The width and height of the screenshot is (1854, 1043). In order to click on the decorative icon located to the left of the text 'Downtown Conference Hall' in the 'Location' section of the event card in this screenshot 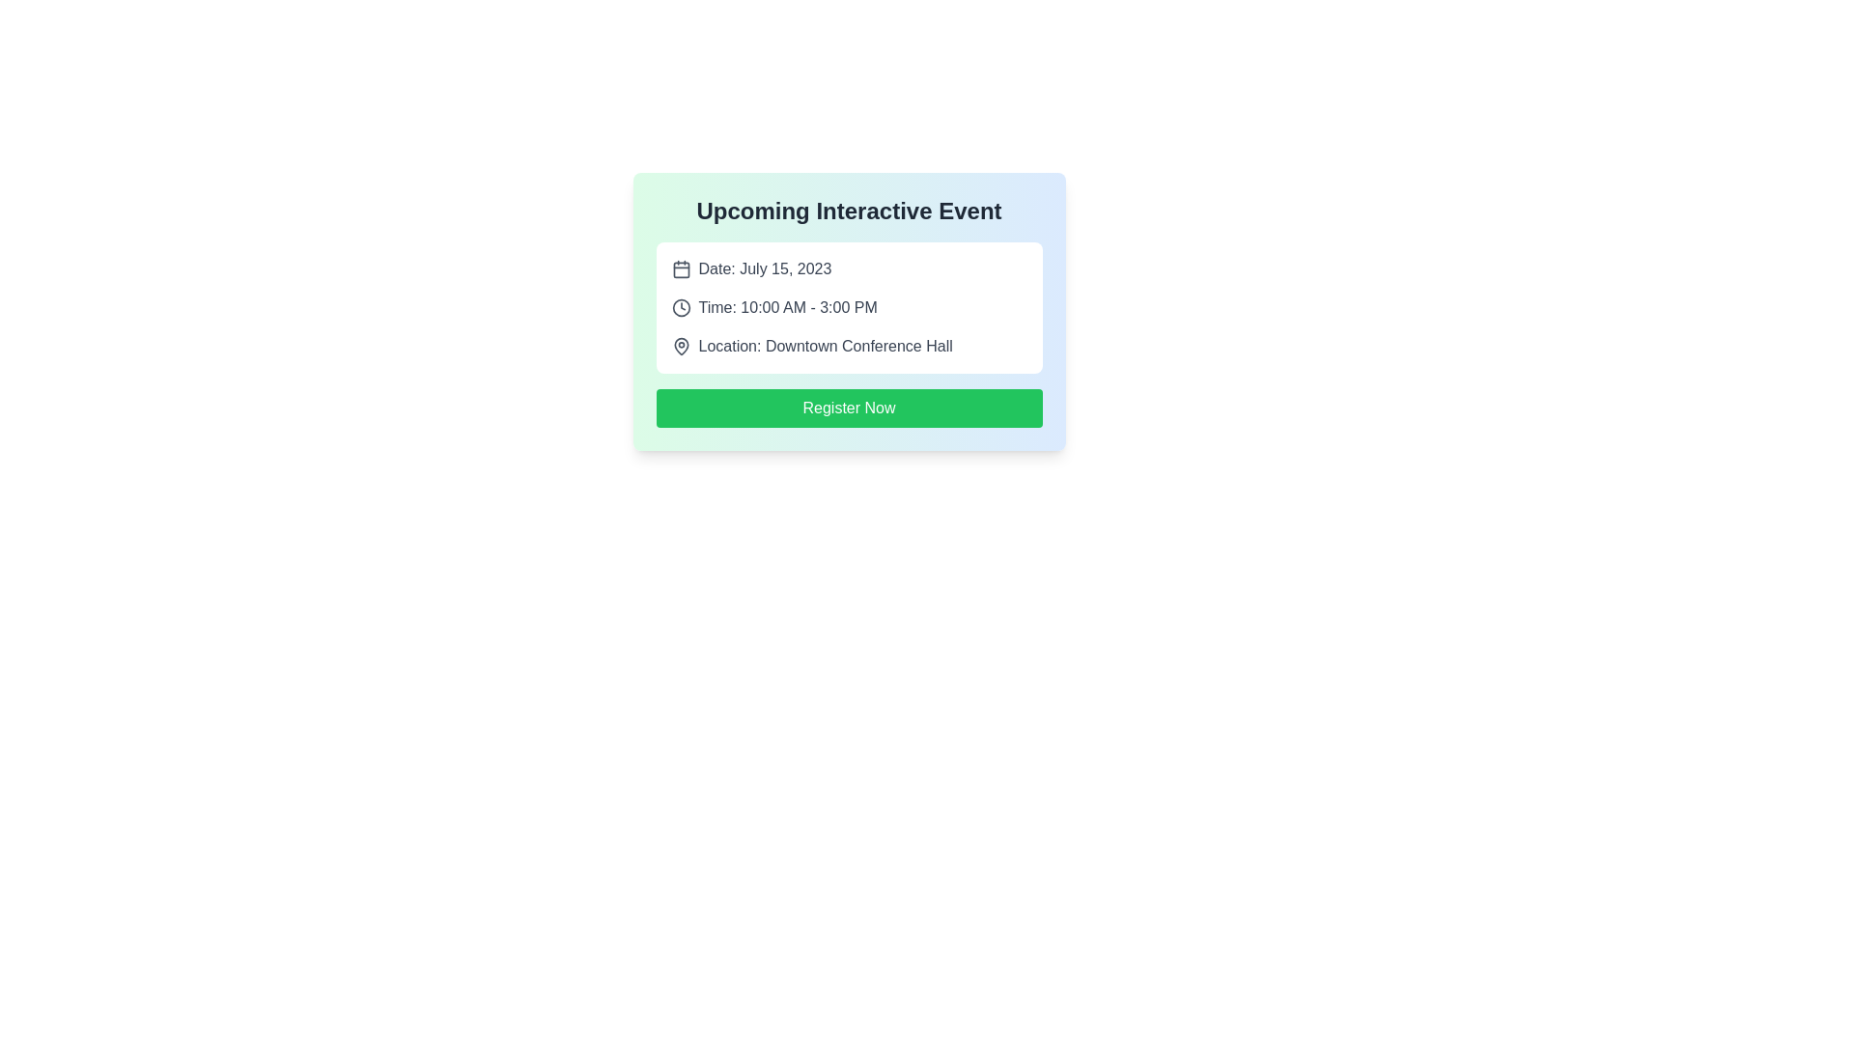, I will do `click(681, 345)`.